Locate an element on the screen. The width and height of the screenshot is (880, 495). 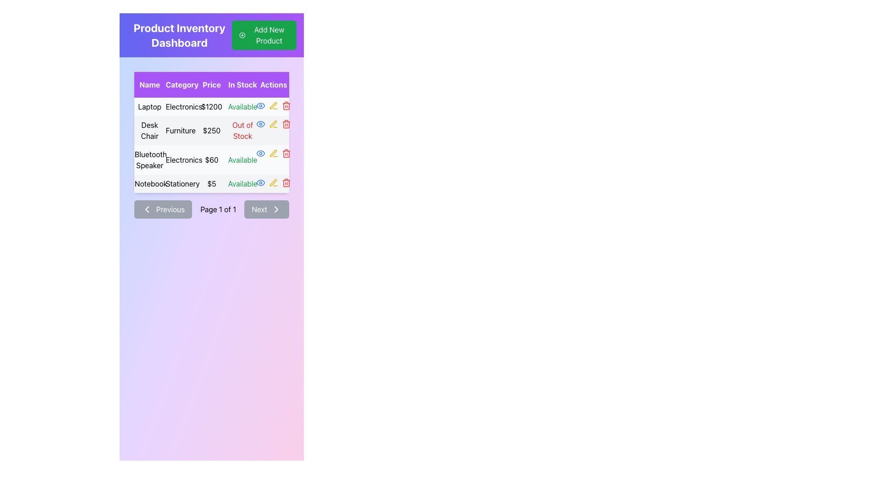
the edit button for the product details in the Actions column of the row labeled 'Notebook Stationery $5 Available', which is the second icon from the left is located at coordinates (273, 182).